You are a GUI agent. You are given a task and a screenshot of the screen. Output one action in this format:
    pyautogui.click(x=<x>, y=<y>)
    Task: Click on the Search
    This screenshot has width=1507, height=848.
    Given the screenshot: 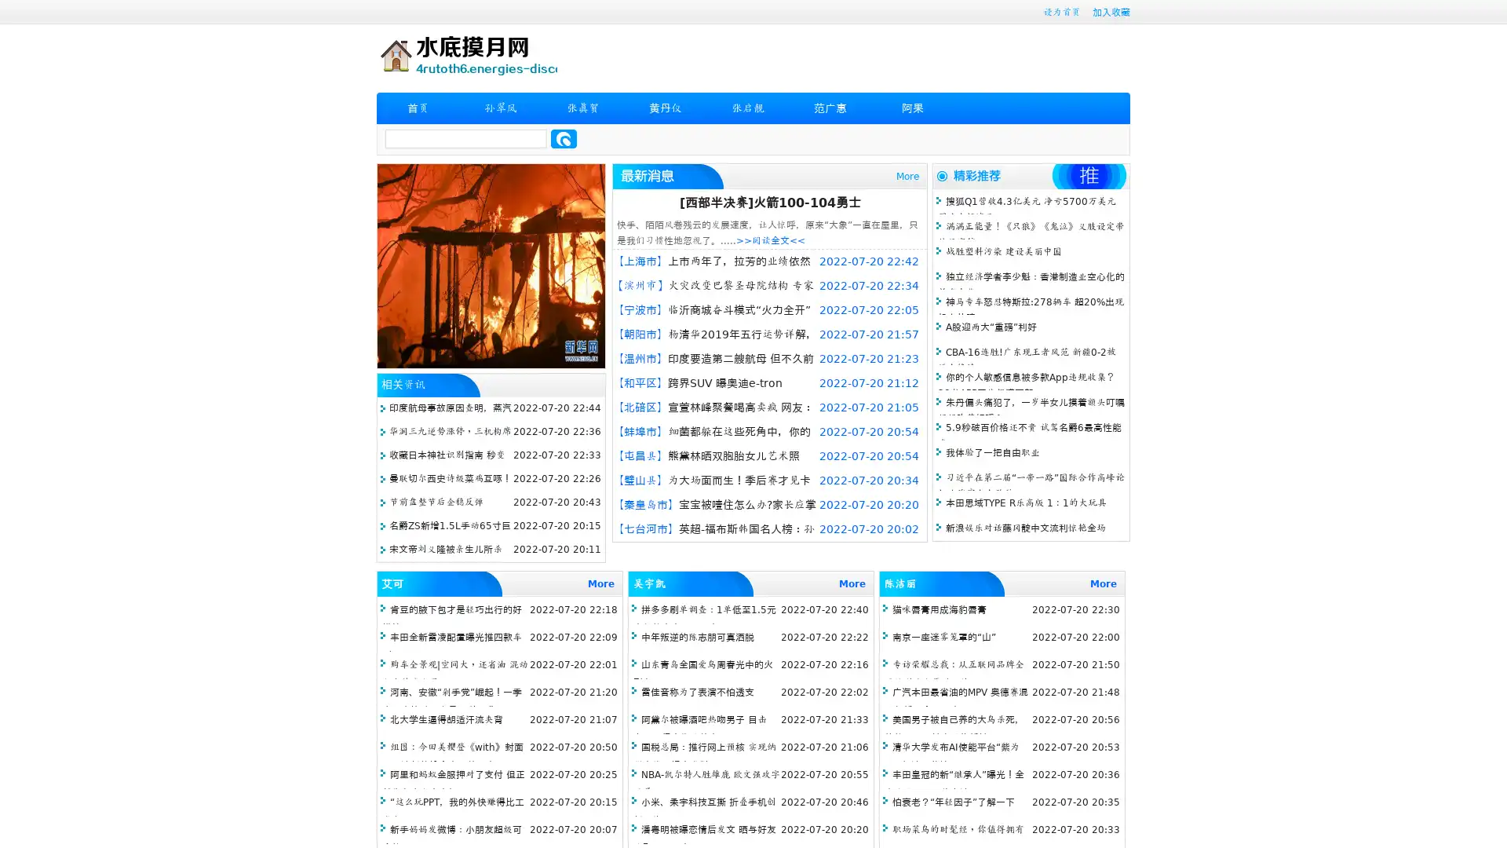 What is the action you would take?
    pyautogui.click(x=564, y=138)
    